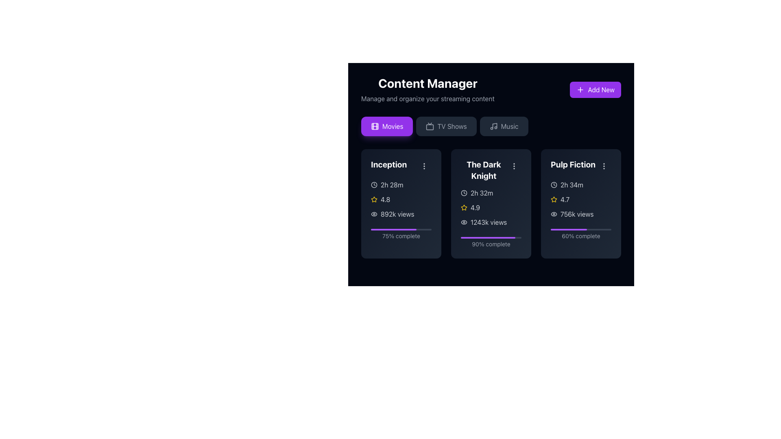  Describe the element at coordinates (464, 222) in the screenshot. I see `the viewership icon located to the left of the '1243k views' text within 'The Dark Knight' card` at that location.